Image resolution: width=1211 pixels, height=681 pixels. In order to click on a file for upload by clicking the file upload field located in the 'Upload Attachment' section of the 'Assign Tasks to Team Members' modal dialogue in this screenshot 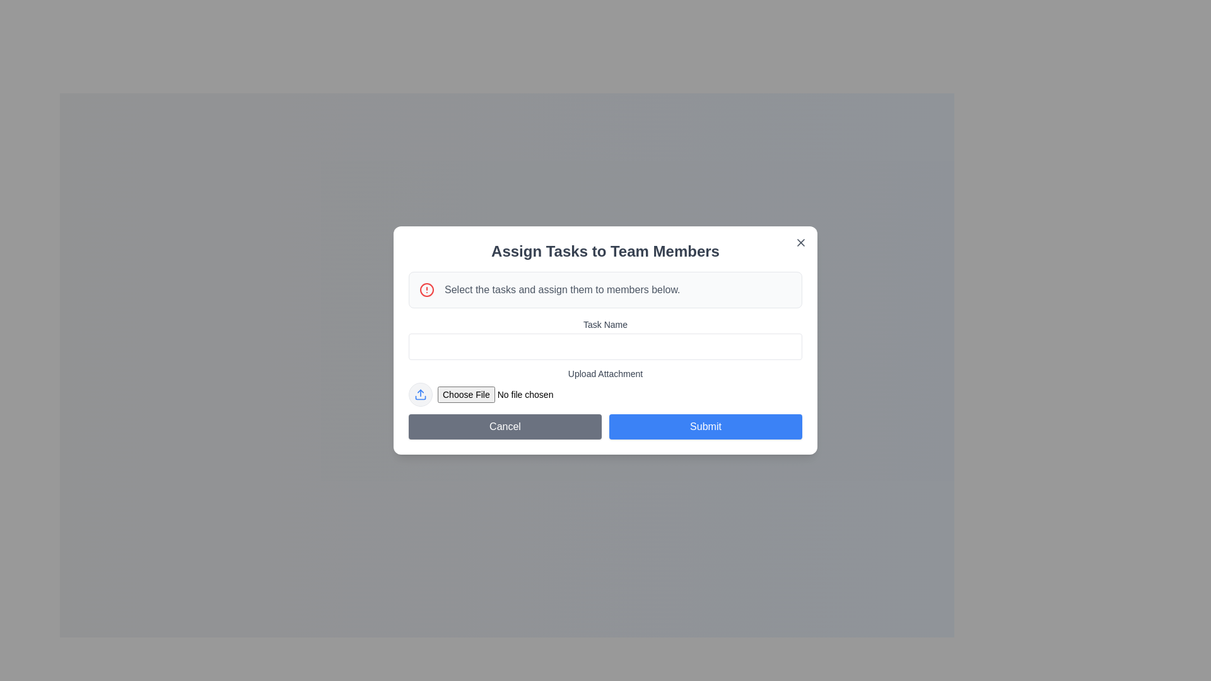, I will do `click(605, 393)`.